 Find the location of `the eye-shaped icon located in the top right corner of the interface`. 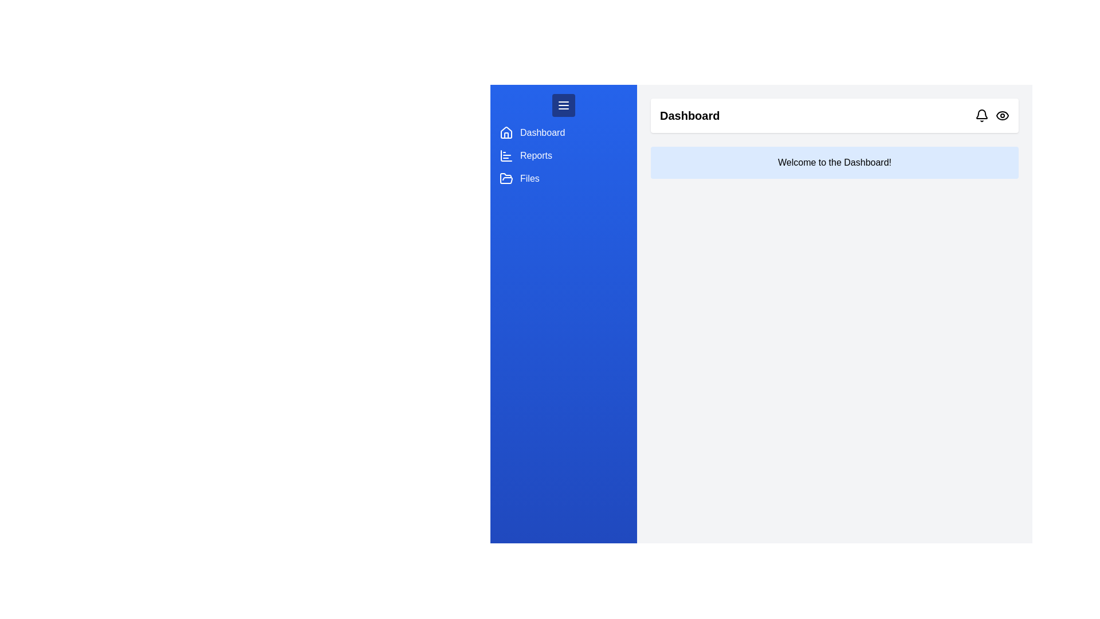

the eye-shaped icon located in the top right corner of the interface is located at coordinates (1002, 115).